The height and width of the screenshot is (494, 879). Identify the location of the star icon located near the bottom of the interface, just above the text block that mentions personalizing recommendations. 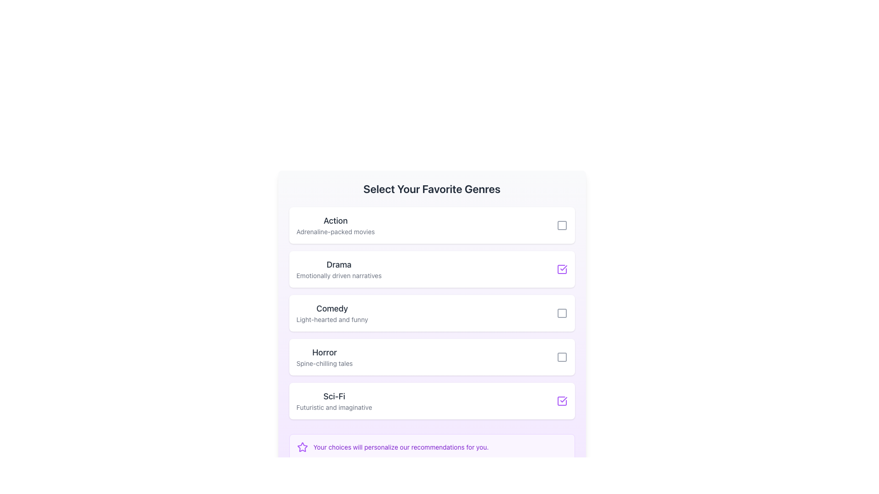
(302, 446).